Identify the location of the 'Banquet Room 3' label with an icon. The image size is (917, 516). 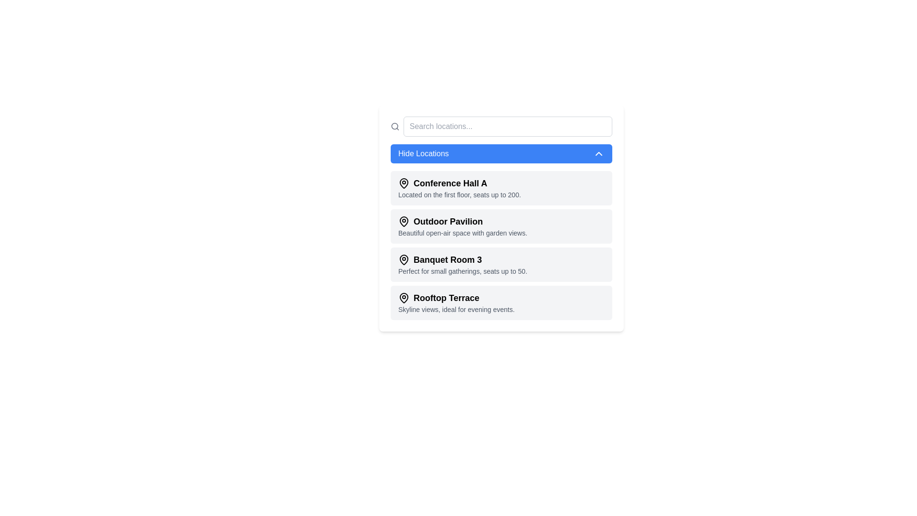
(463, 259).